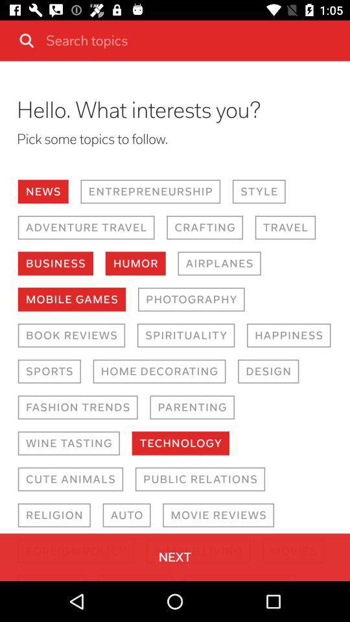  What do you see at coordinates (150, 190) in the screenshot?
I see `the item next to the style icon` at bounding box center [150, 190].